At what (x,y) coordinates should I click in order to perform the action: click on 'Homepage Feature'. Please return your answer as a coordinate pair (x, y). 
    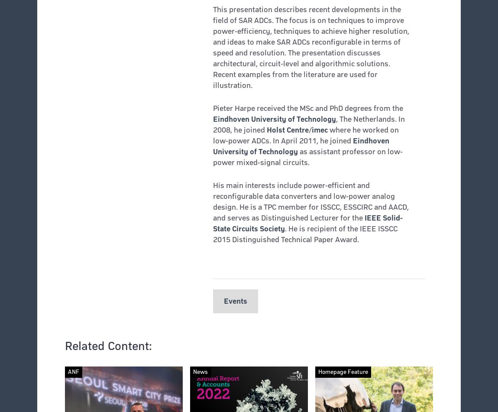
    Looking at the image, I should click on (343, 371).